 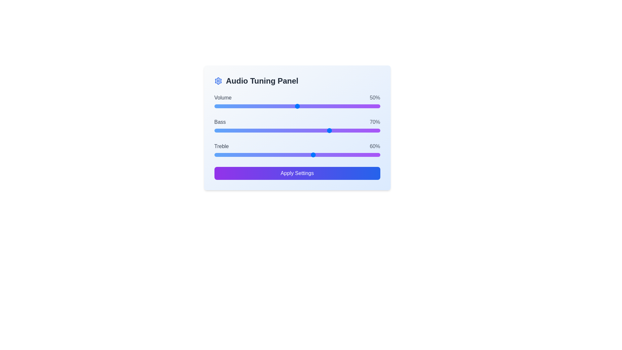 What do you see at coordinates (252, 130) in the screenshot?
I see `the bass level` at bounding box center [252, 130].